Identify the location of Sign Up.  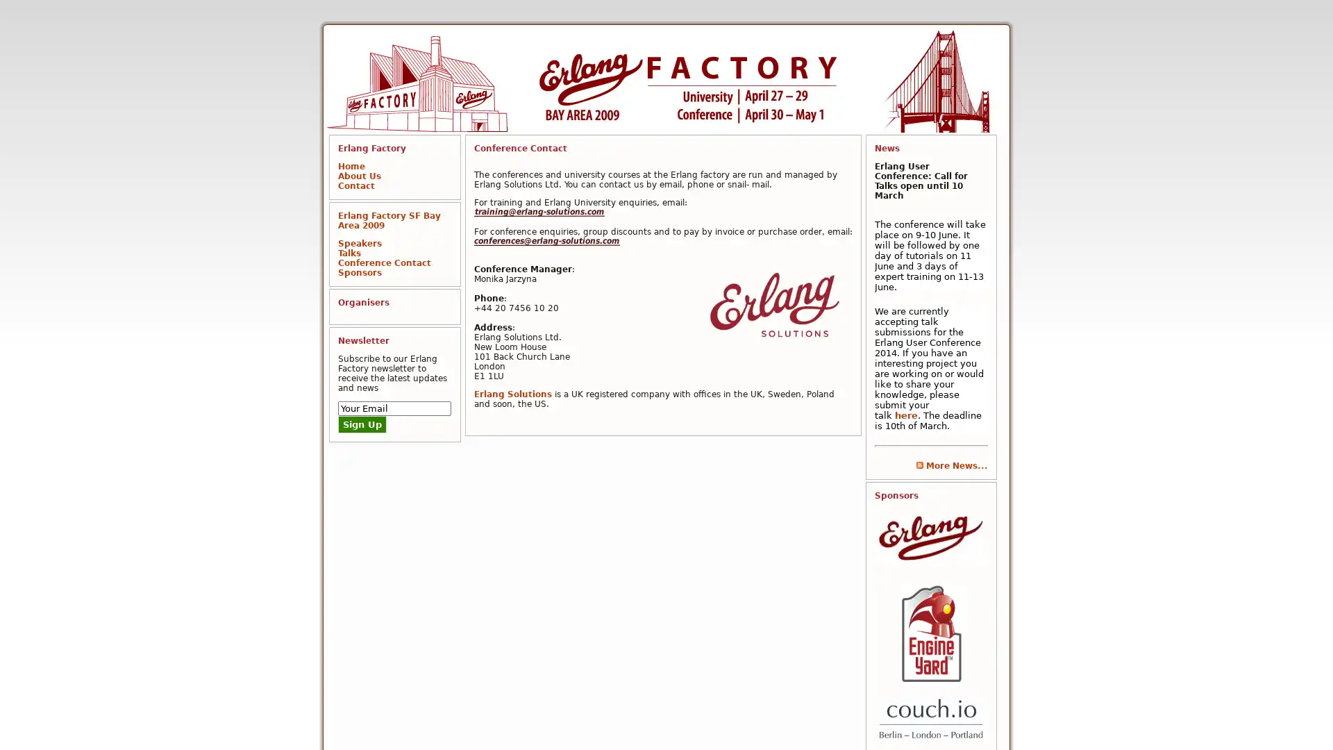
(362, 424).